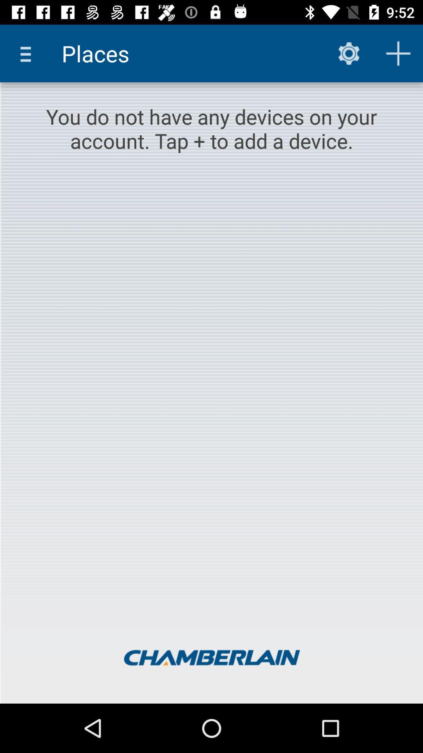  Describe the element at coordinates (28, 53) in the screenshot. I see `app to the left of places app` at that location.